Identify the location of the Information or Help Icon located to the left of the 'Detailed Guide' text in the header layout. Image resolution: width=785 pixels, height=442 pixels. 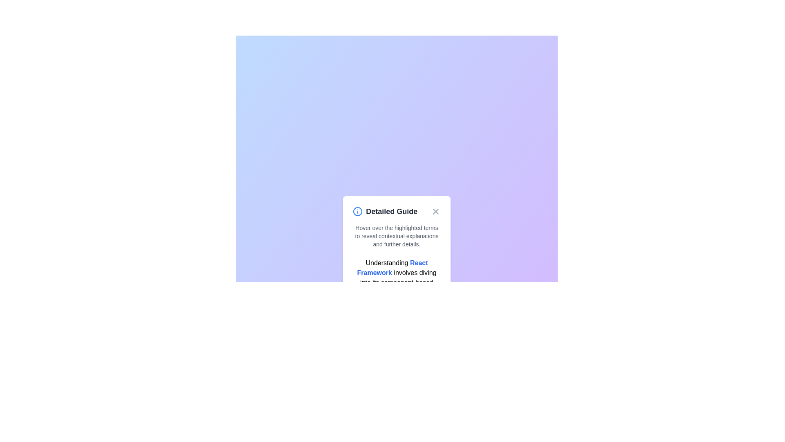
(357, 211).